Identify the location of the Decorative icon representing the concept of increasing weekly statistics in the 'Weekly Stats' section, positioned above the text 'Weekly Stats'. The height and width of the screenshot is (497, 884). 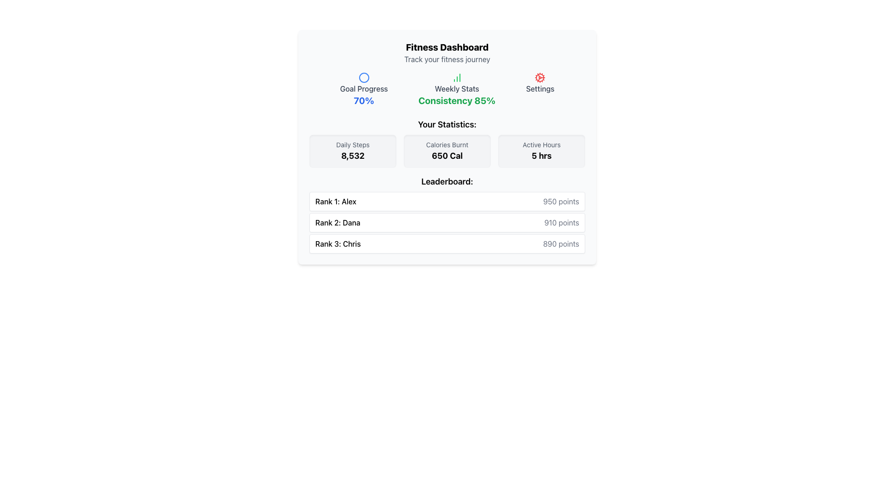
(457, 77).